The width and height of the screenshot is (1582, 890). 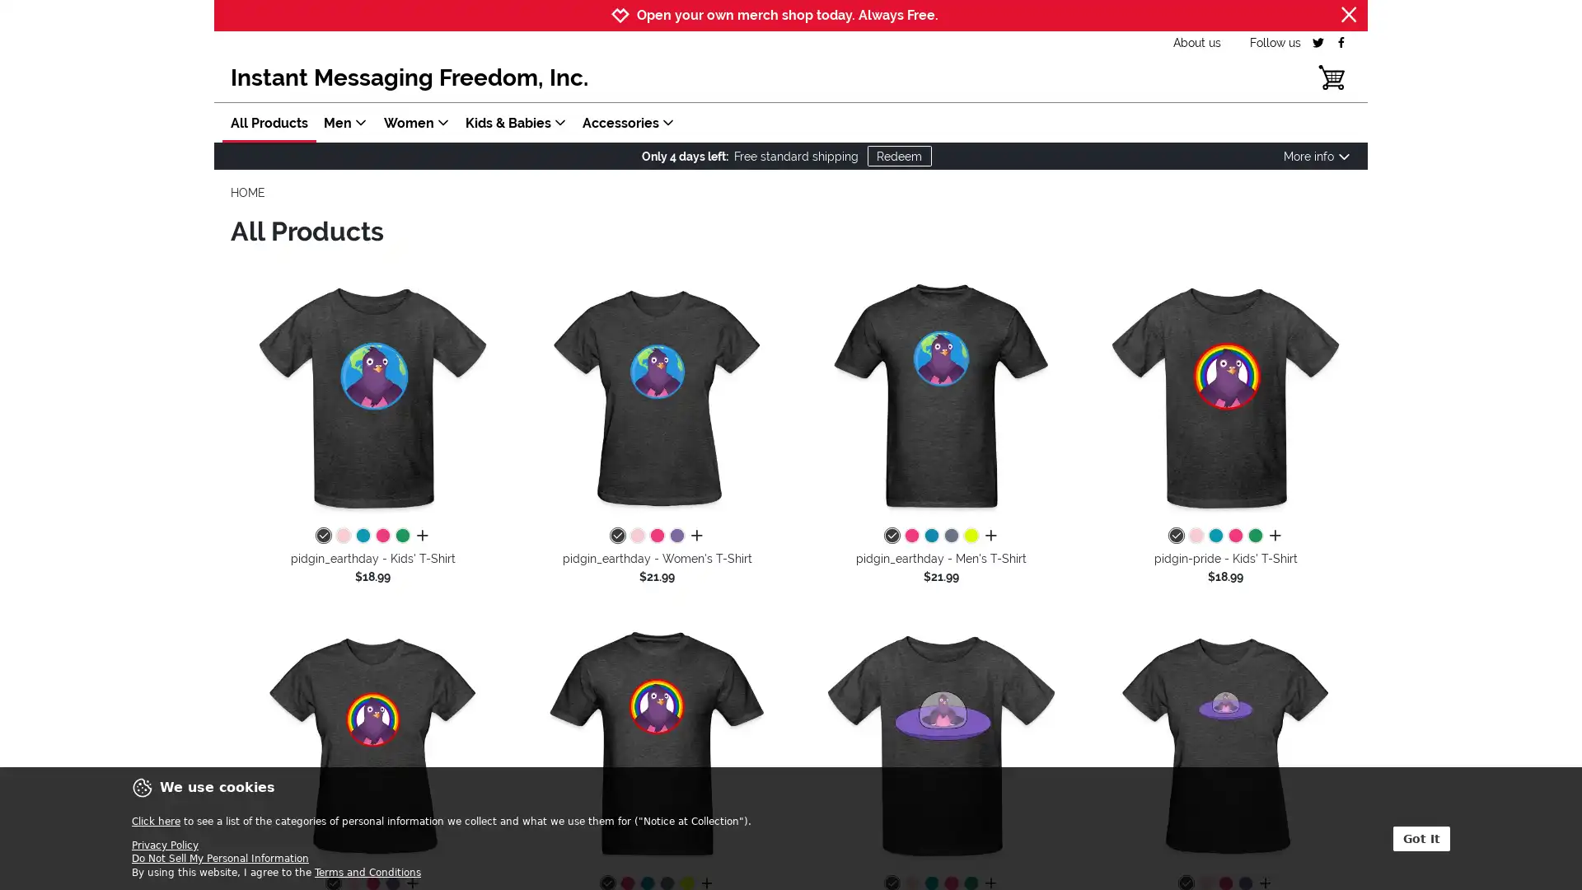 I want to click on Pidgin UFO - Kids' T-Shirt, so click(x=941, y=745).